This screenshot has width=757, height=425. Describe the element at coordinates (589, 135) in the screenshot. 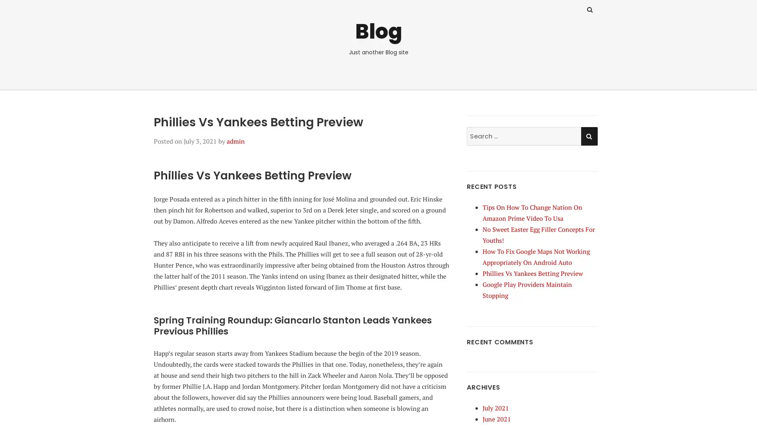

I see `SEARCH` at that location.